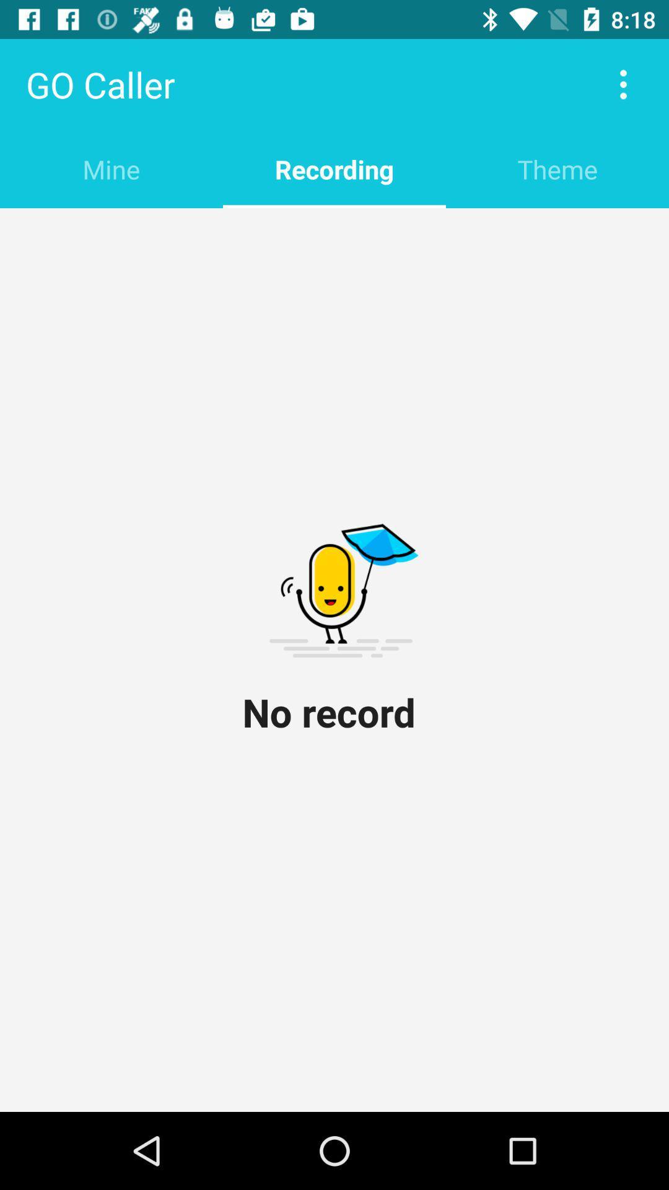 The image size is (669, 1190). I want to click on item next to theme item, so click(334, 169).